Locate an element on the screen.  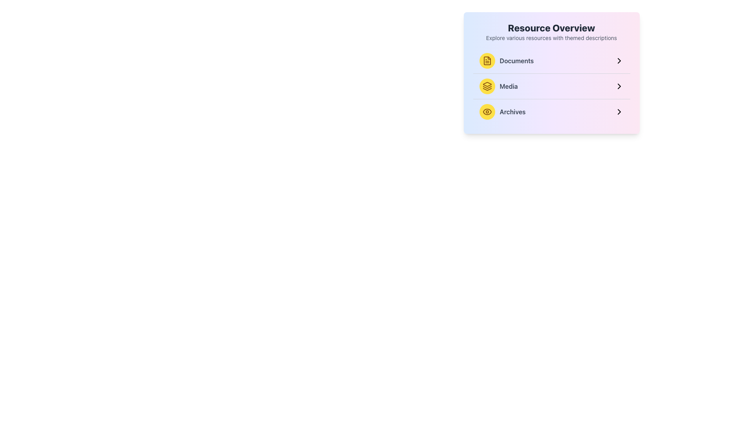
the document icon, which is a rectangular outline with a folded corner in the top-left portion, located in the top-left corner of the interactive card, next to the 'Documents' label is located at coordinates (487, 60).